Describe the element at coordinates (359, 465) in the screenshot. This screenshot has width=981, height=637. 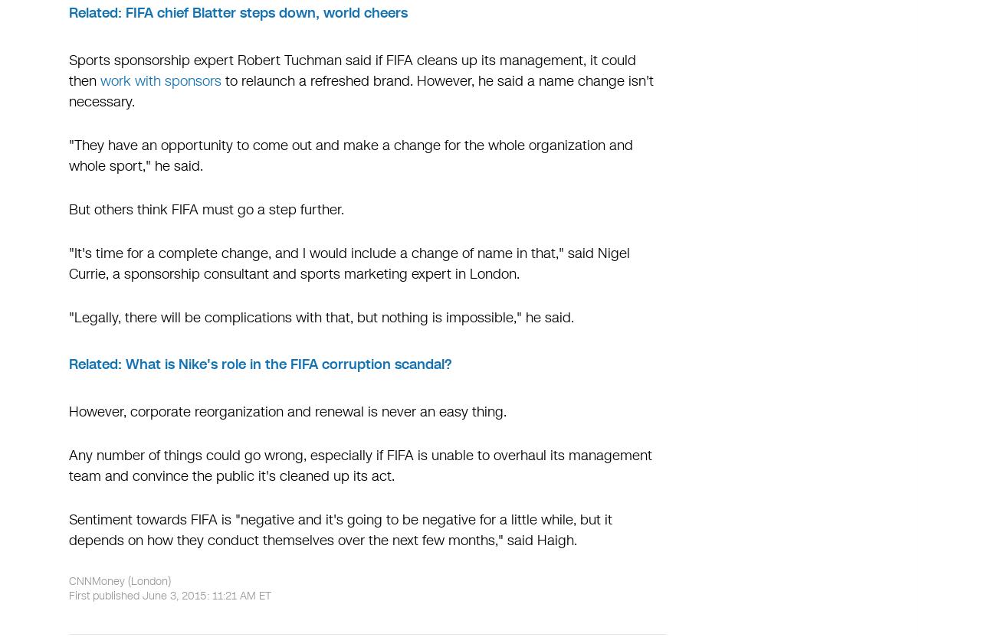
I see `'Any number of things could go wrong, especially if FIFA is unable to overhaul its management team and convince the public it's cleaned up its act.'` at that location.